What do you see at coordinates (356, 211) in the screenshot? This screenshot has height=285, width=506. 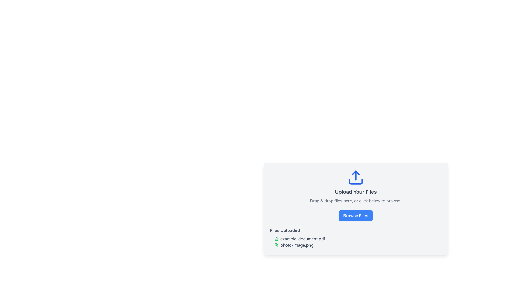 I see `the File upload interface, which has a light gray background, an upload icon, and a blue 'Browse Files' button` at bounding box center [356, 211].